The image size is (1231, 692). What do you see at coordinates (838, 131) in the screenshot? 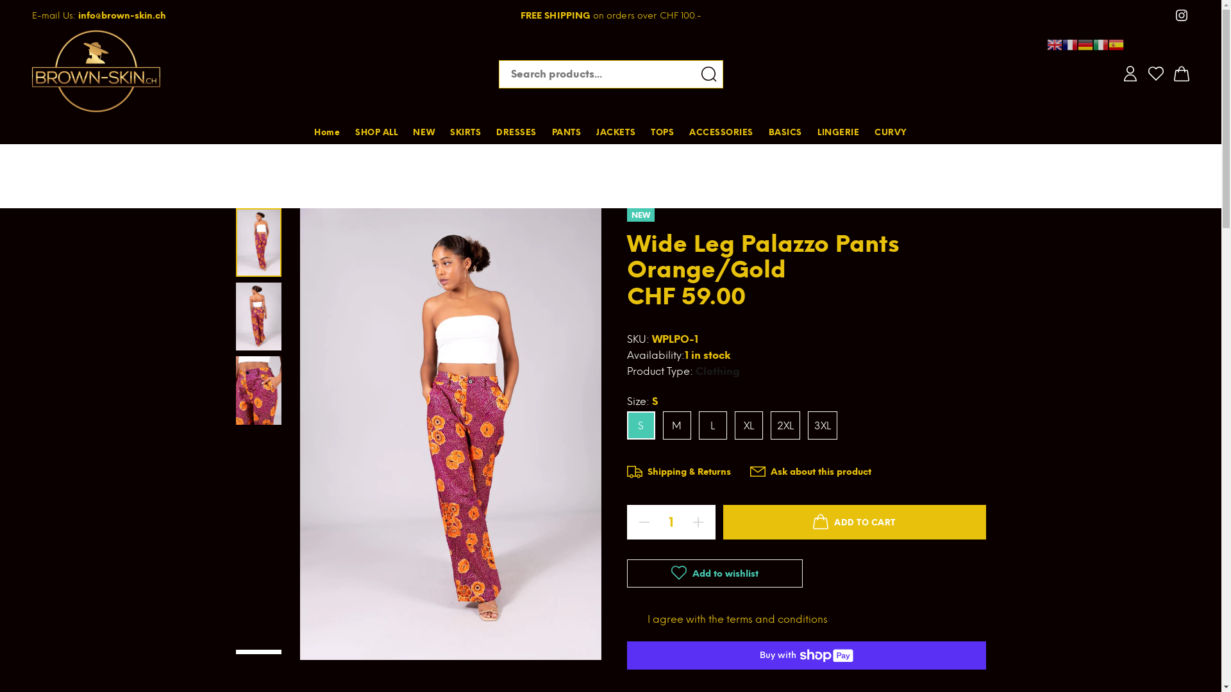
I see `'LINGERIE'` at bounding box center [838, 131].